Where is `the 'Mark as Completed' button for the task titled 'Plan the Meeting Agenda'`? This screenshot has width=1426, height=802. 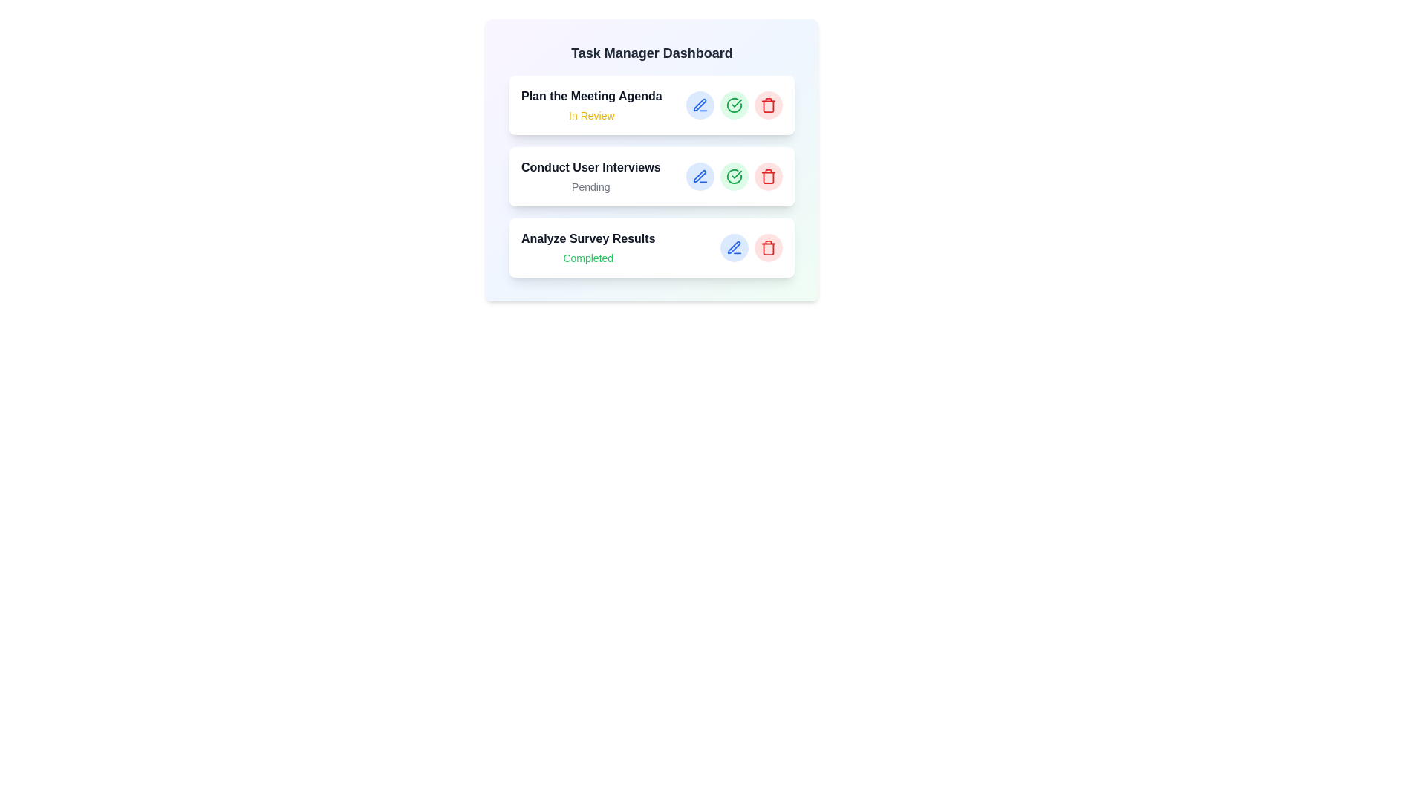 the 'Mark as Completed' button for the task titled 'Plan the Meeting Agenda' is located at coordinates (734, 105).